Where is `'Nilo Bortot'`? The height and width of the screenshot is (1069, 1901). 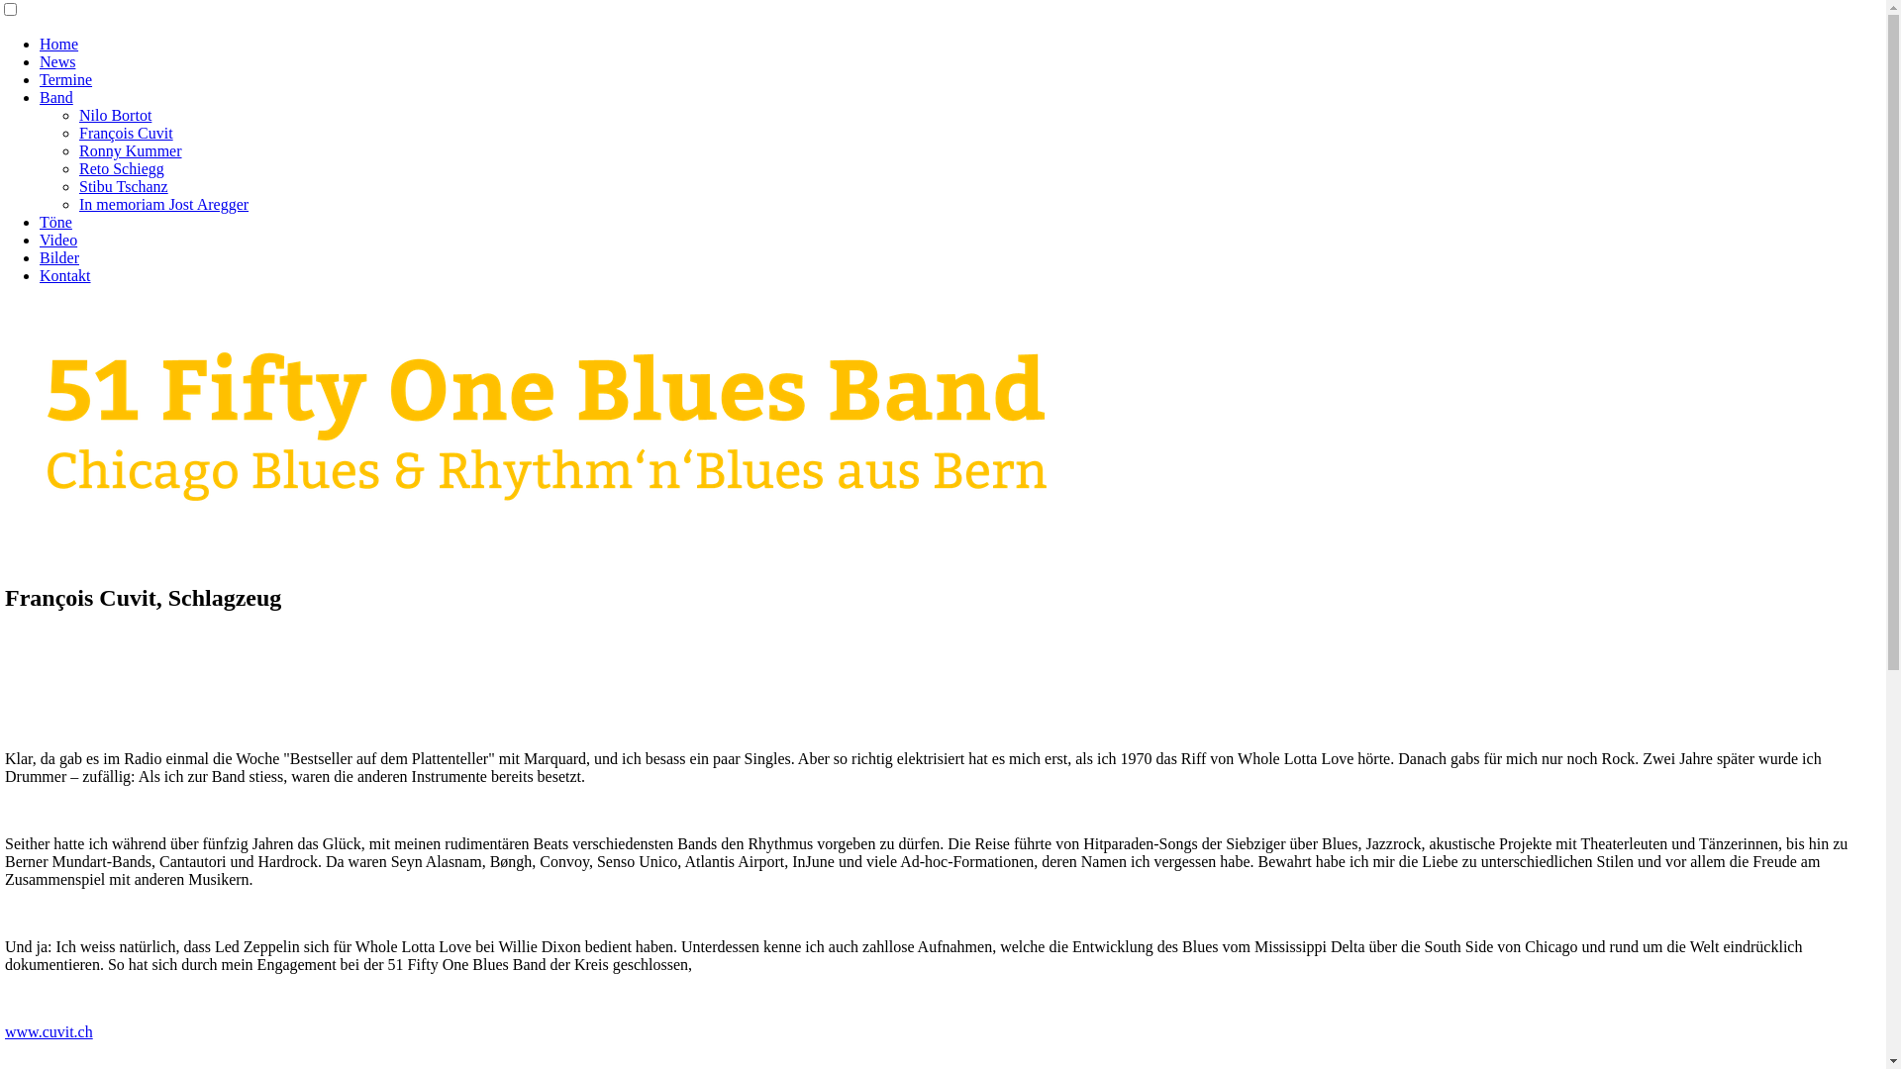 'Nilo Bortot' is located at coordinates (114, 115).